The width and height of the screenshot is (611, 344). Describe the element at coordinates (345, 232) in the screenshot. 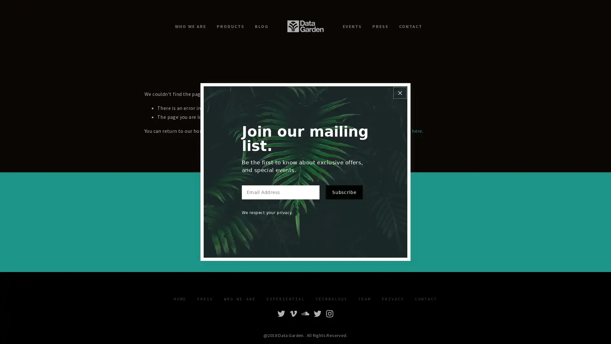

I see `SIGN UP` at that location.